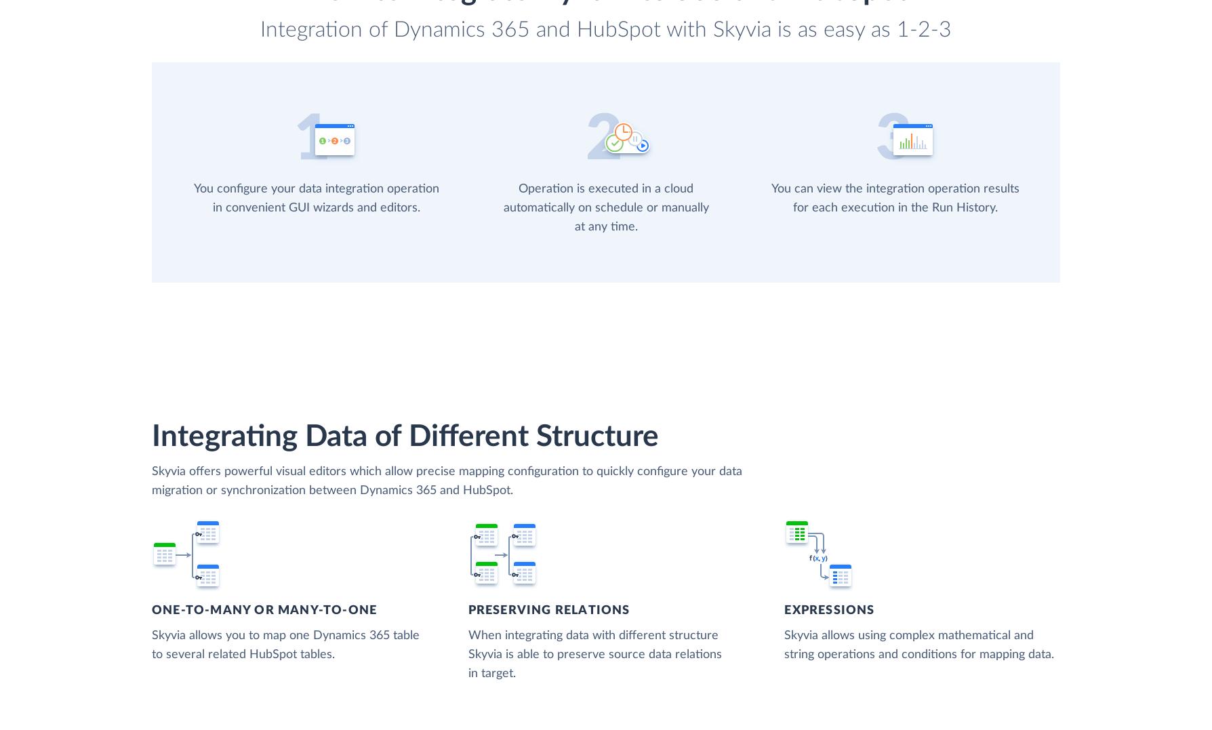  What do you see at coordinates (594, 653) in the screenshot?
I see `'When integrating data with different structure Skyvia is able to preserve source data relations in target.'` at bounding box center [594, 653].